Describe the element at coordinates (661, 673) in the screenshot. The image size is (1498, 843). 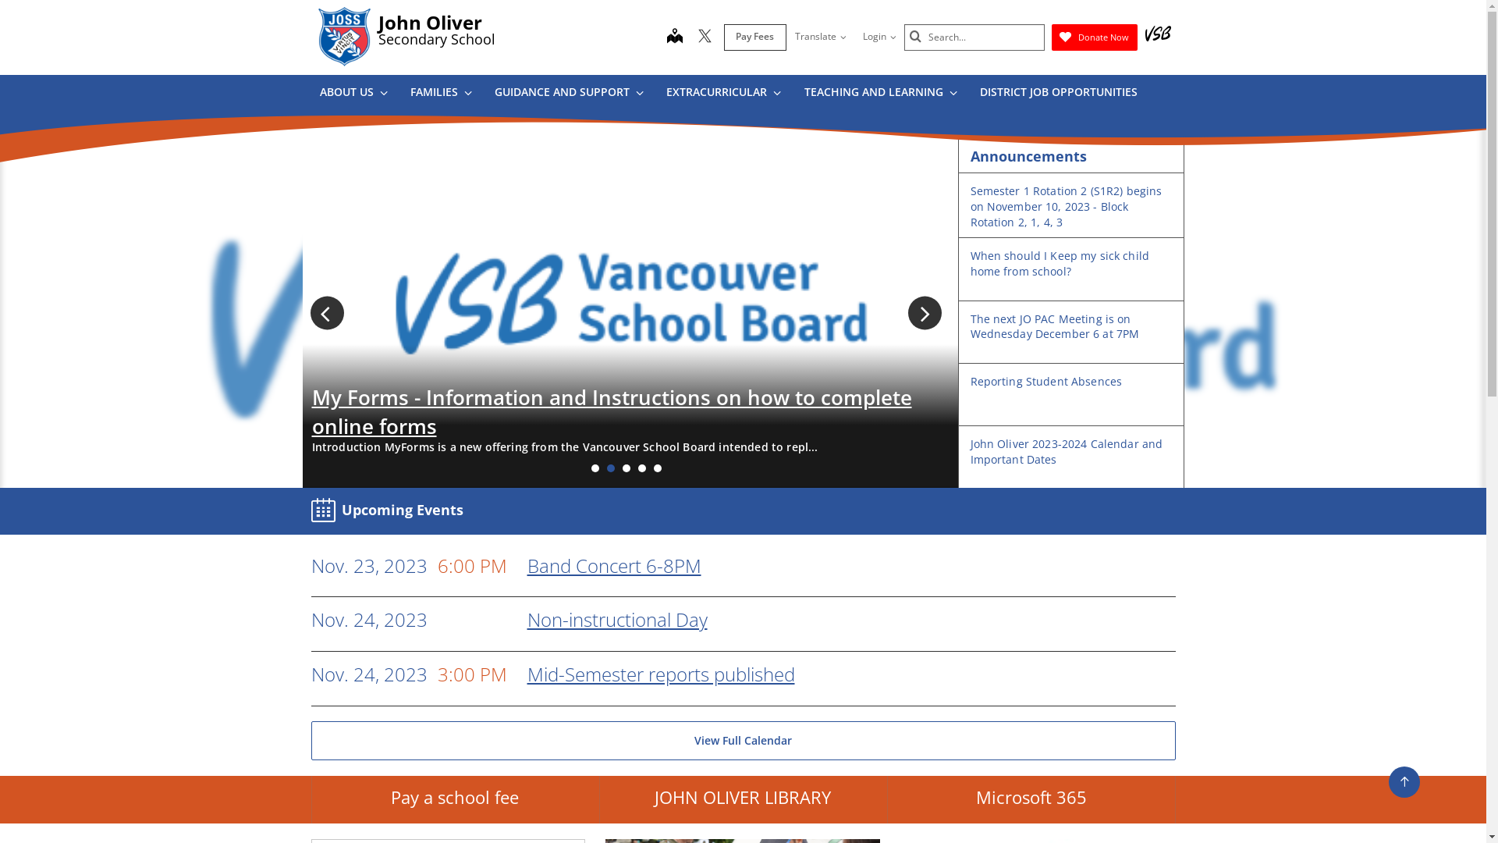
I see `'Mid-Semester reports published'` at that location.